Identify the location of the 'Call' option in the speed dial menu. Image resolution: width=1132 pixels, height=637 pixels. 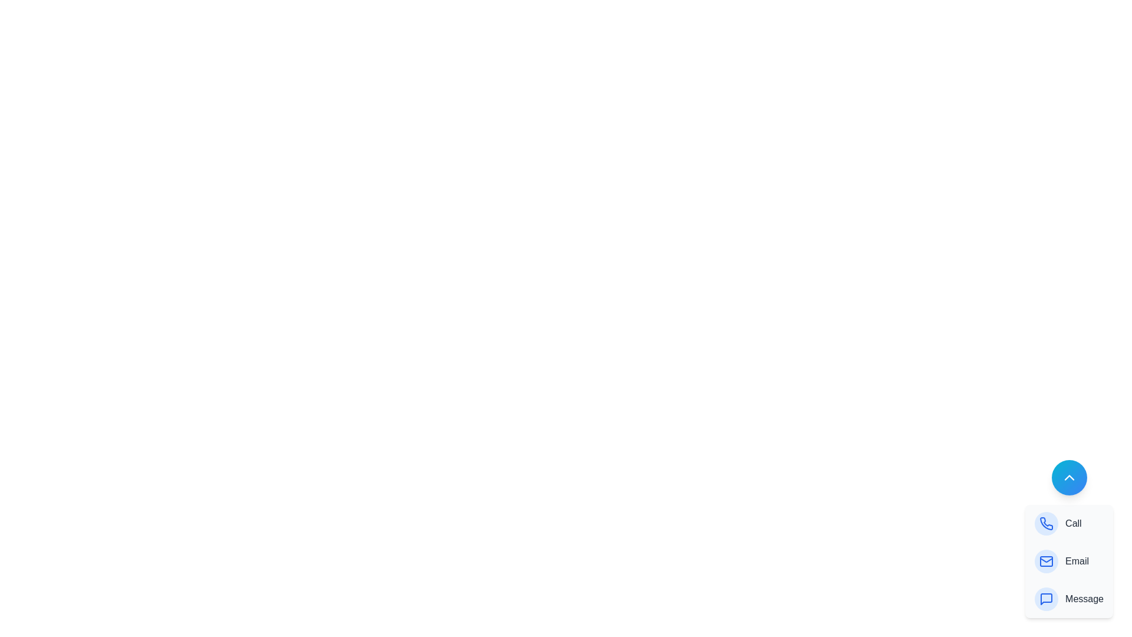
(1069, 523).